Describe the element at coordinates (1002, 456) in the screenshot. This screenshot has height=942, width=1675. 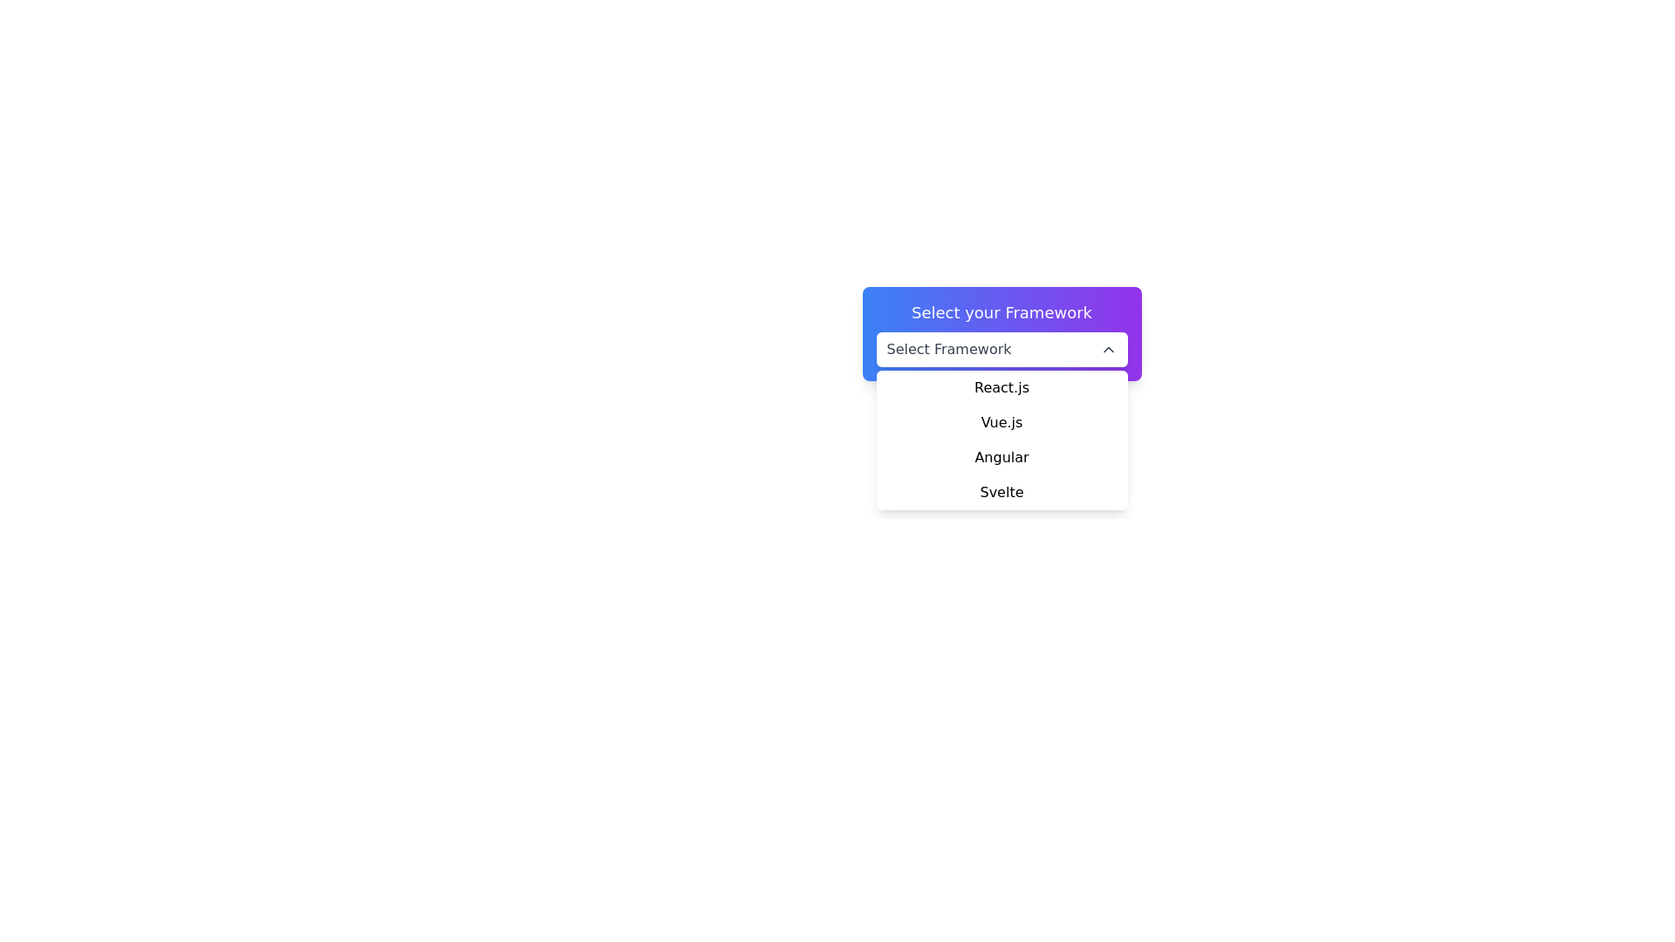
I see `the 'Angular' dropdown menu item, which is the third item` at that location.